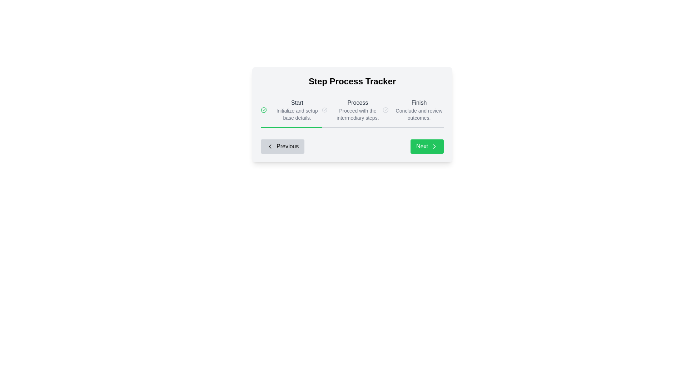 The height and width of the screenshot is (386, 686). What do you see at coordinates (434, 146) in the screenshot?
I see `the right-pointing chevron icon within the 'Next' button, which indicates a forward action` at bounding box center [434, 146].